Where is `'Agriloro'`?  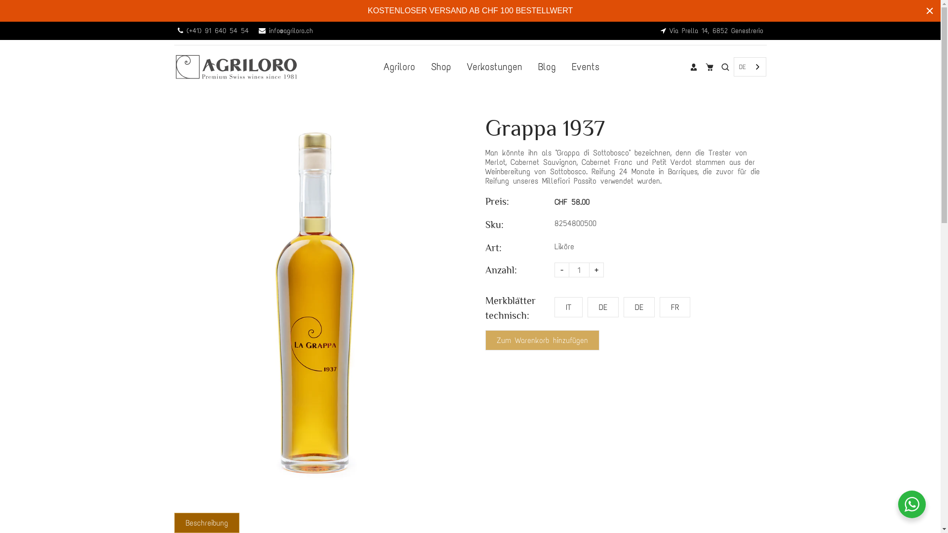 'Agriloro' is located at coordinates (399, 67).